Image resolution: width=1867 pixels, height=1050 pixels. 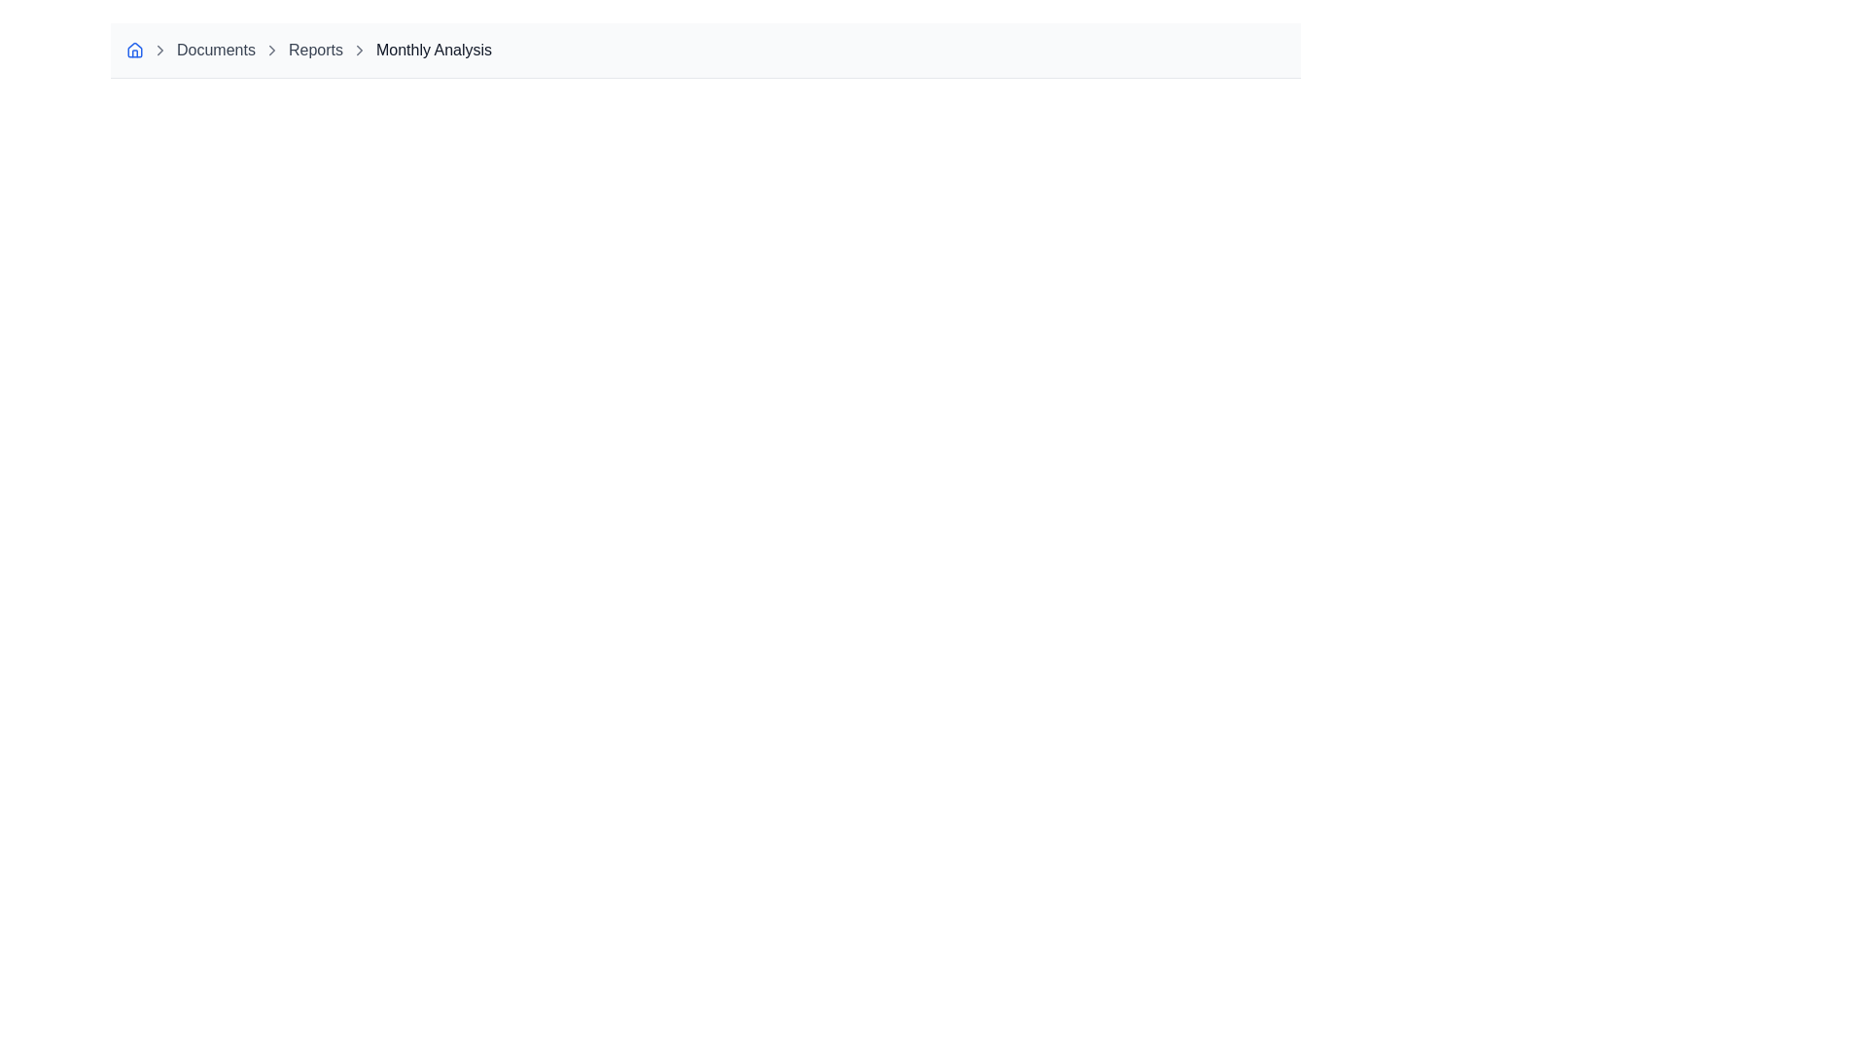 I want to click on the breadcrumb link labeled 'Reports', so click(x=315, y=49).